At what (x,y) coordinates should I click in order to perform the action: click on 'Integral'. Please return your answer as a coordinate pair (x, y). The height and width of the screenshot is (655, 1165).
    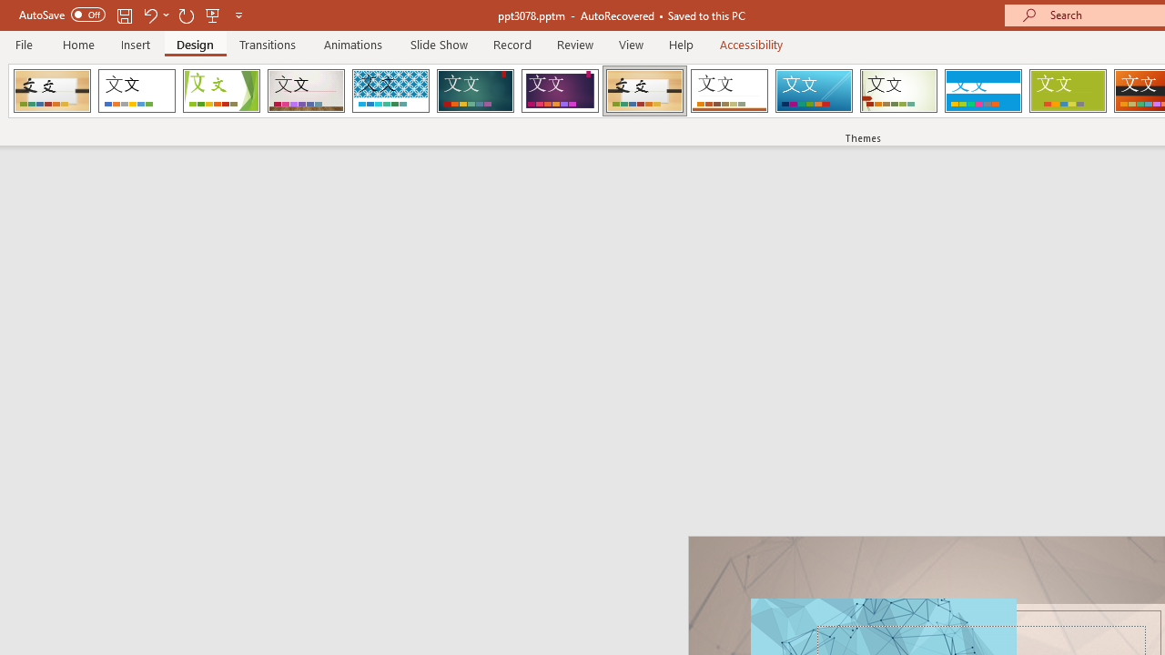
    Looking at the image, I should click on (390, 91).